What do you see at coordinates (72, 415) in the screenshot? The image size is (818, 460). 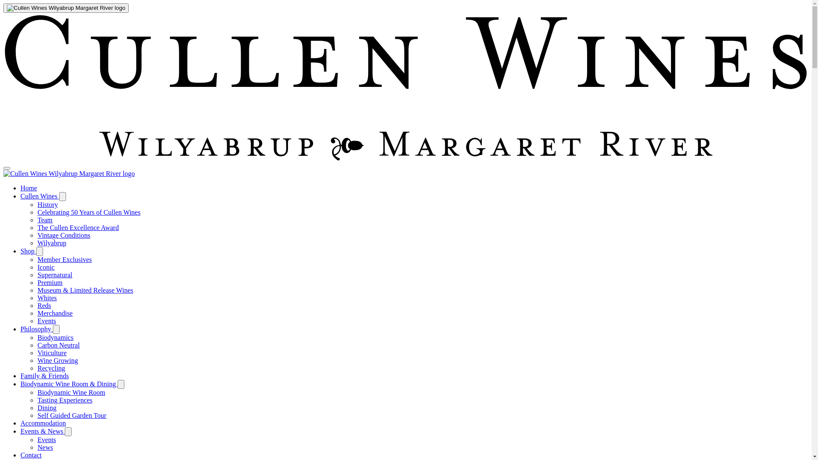 I see `'Self Guided Garden Tour'` at bounding box center [72, 415].